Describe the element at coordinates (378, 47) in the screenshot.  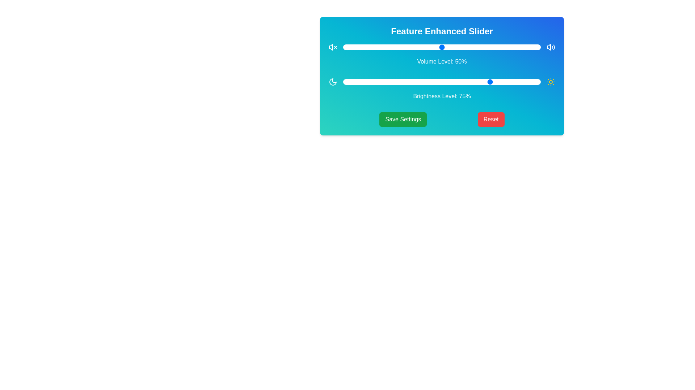
I see `the slider value` at that location.